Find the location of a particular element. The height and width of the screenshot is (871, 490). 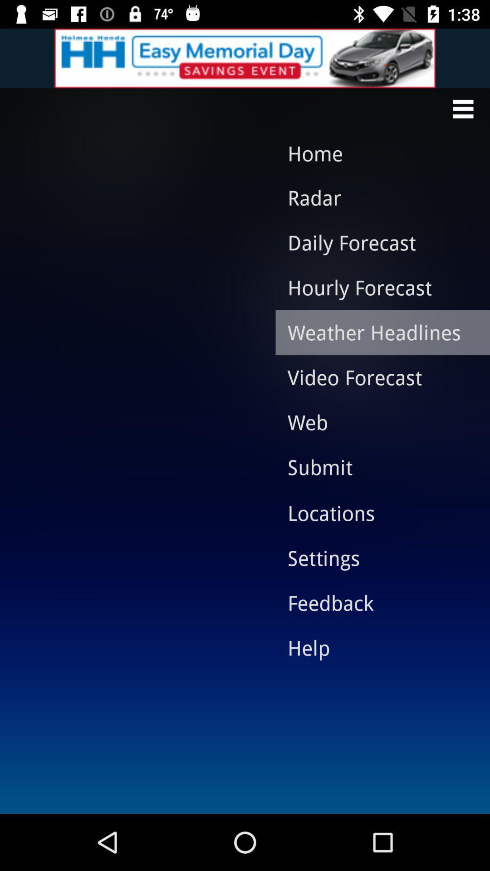

video forecast is located at coordinates (376, 377).